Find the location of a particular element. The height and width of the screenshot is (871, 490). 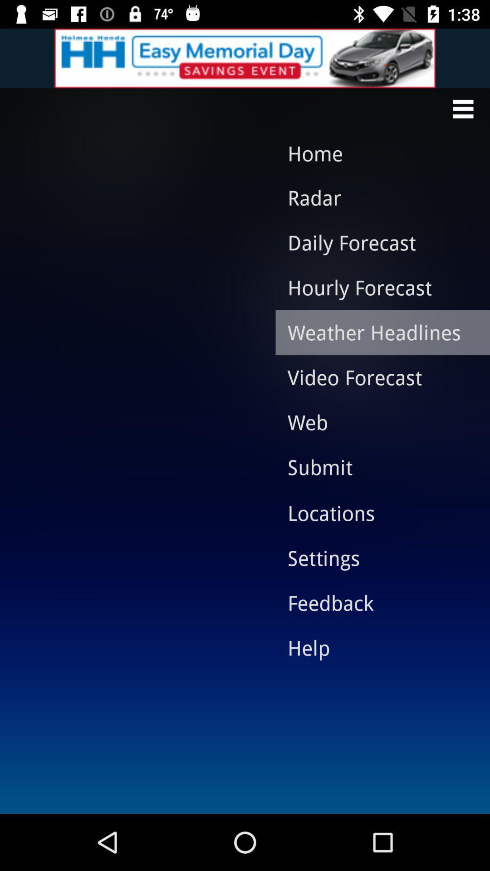

video forecast is located at coordinates (376, 377).